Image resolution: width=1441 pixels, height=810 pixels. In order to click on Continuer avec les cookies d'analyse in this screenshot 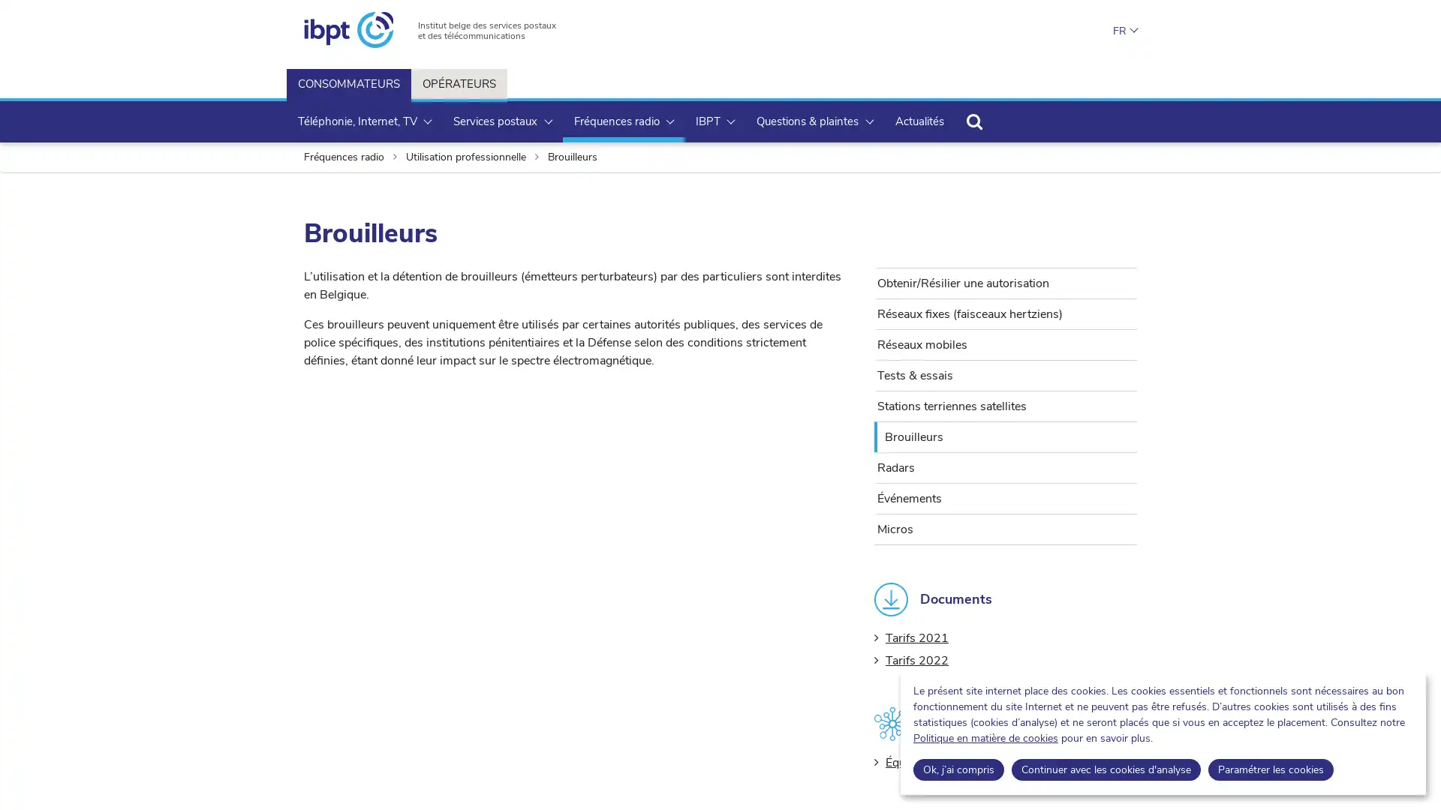, I will do `click(1106, 769)`.